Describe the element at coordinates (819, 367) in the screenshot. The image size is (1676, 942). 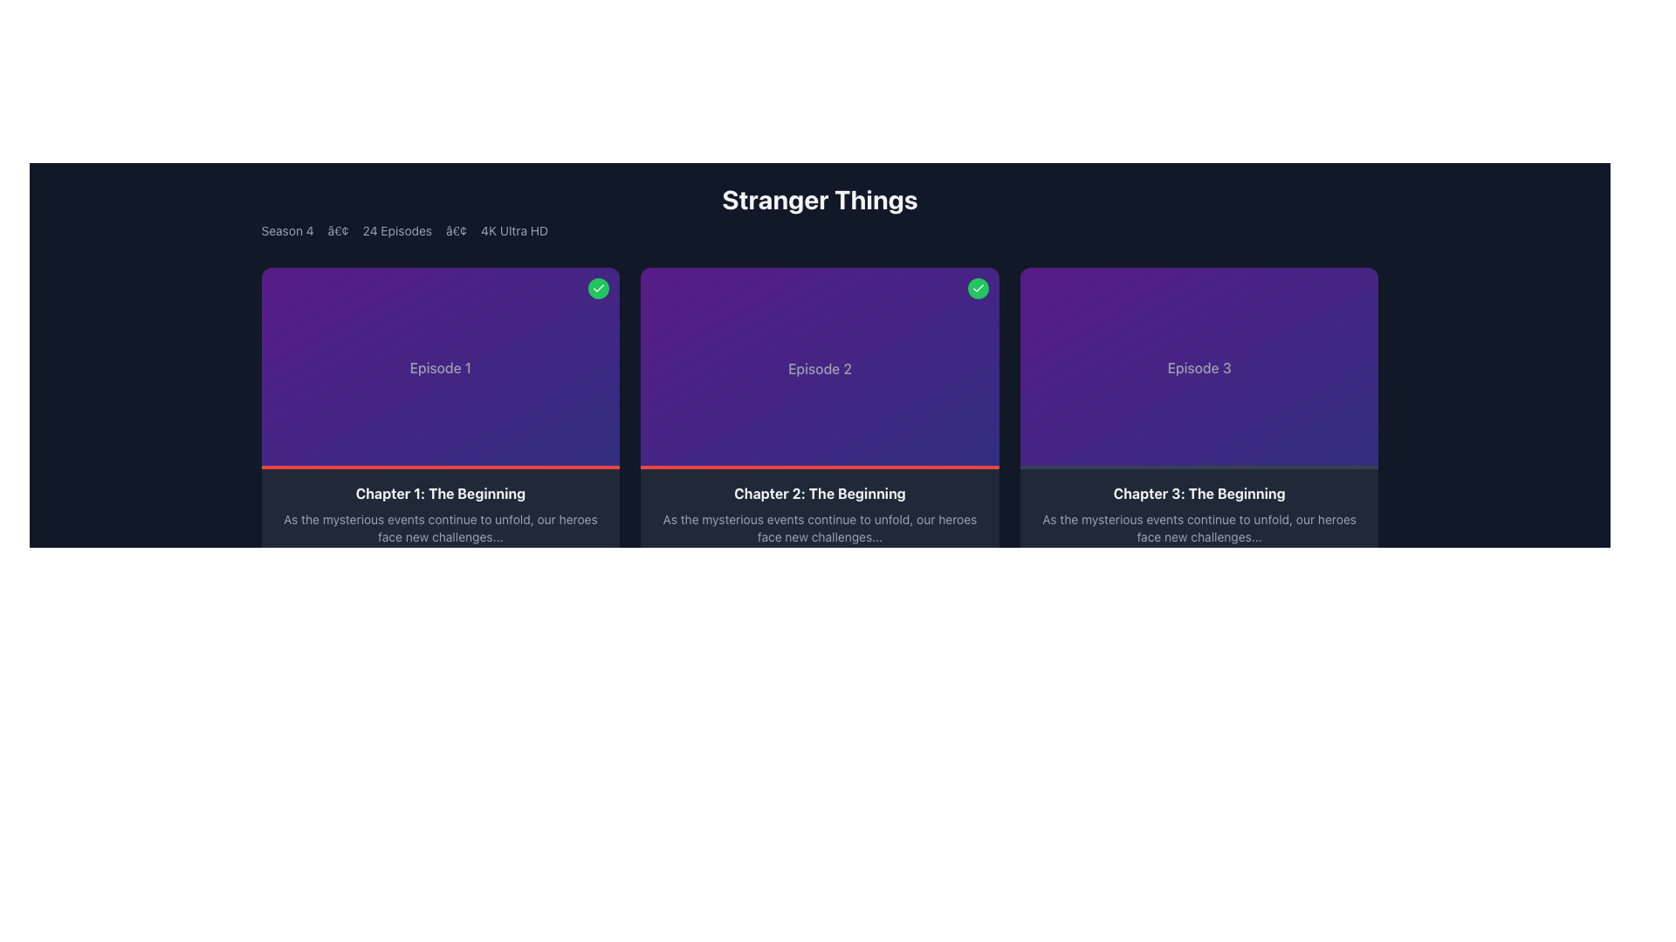
I see `text of the title label for 'Episode 2', which is styled with a gradient background and centered in a card component` at that location.